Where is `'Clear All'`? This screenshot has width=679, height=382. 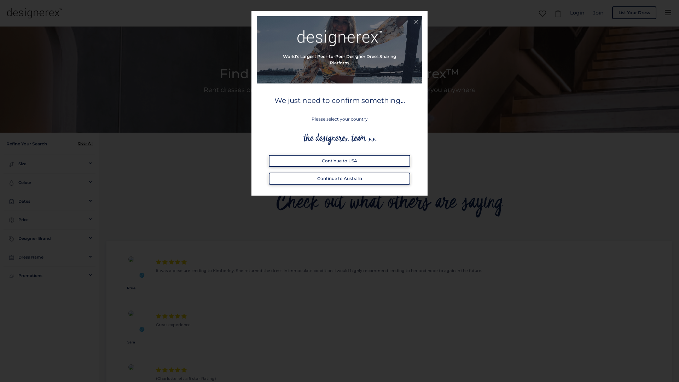 'Clear All' is located at coordinates (85, 143).